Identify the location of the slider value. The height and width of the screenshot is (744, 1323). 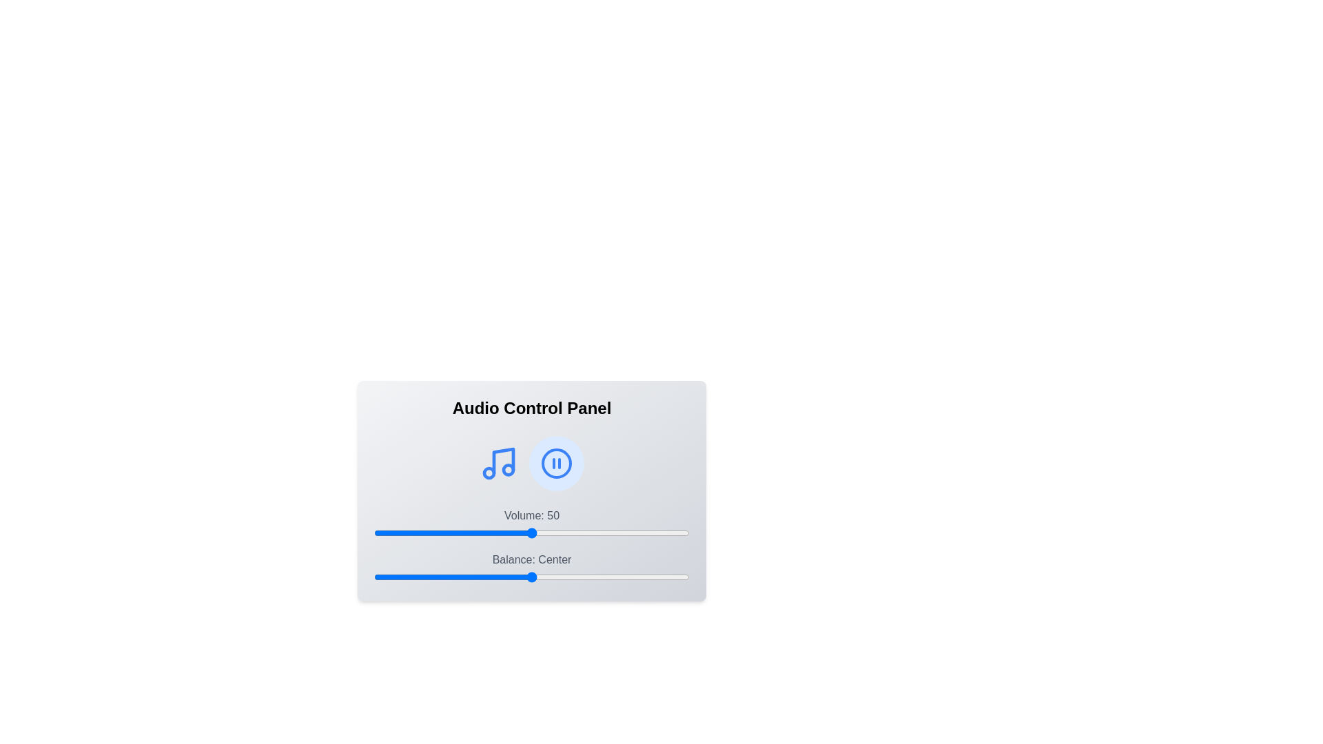
(670, 533).